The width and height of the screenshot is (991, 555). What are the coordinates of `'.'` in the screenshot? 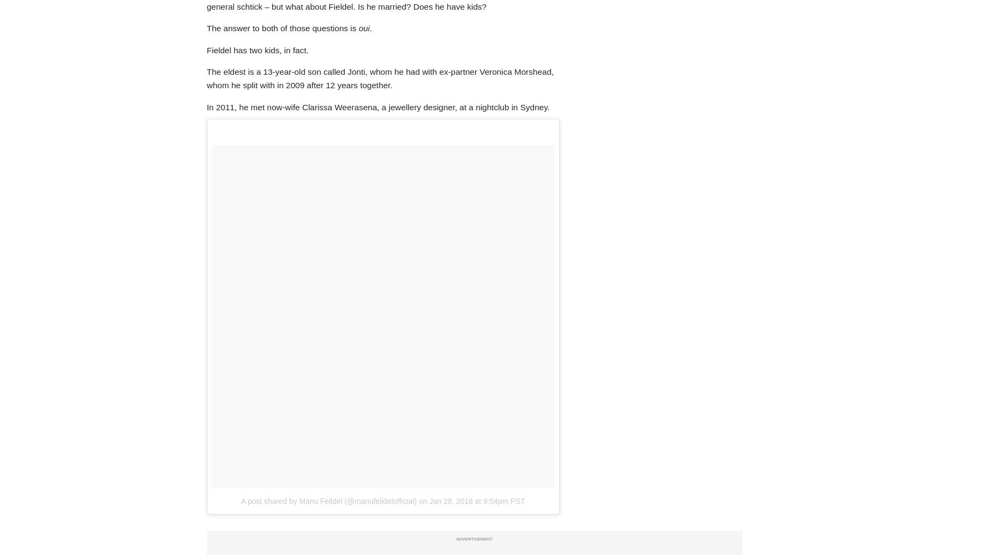 It's located at (369, 28).